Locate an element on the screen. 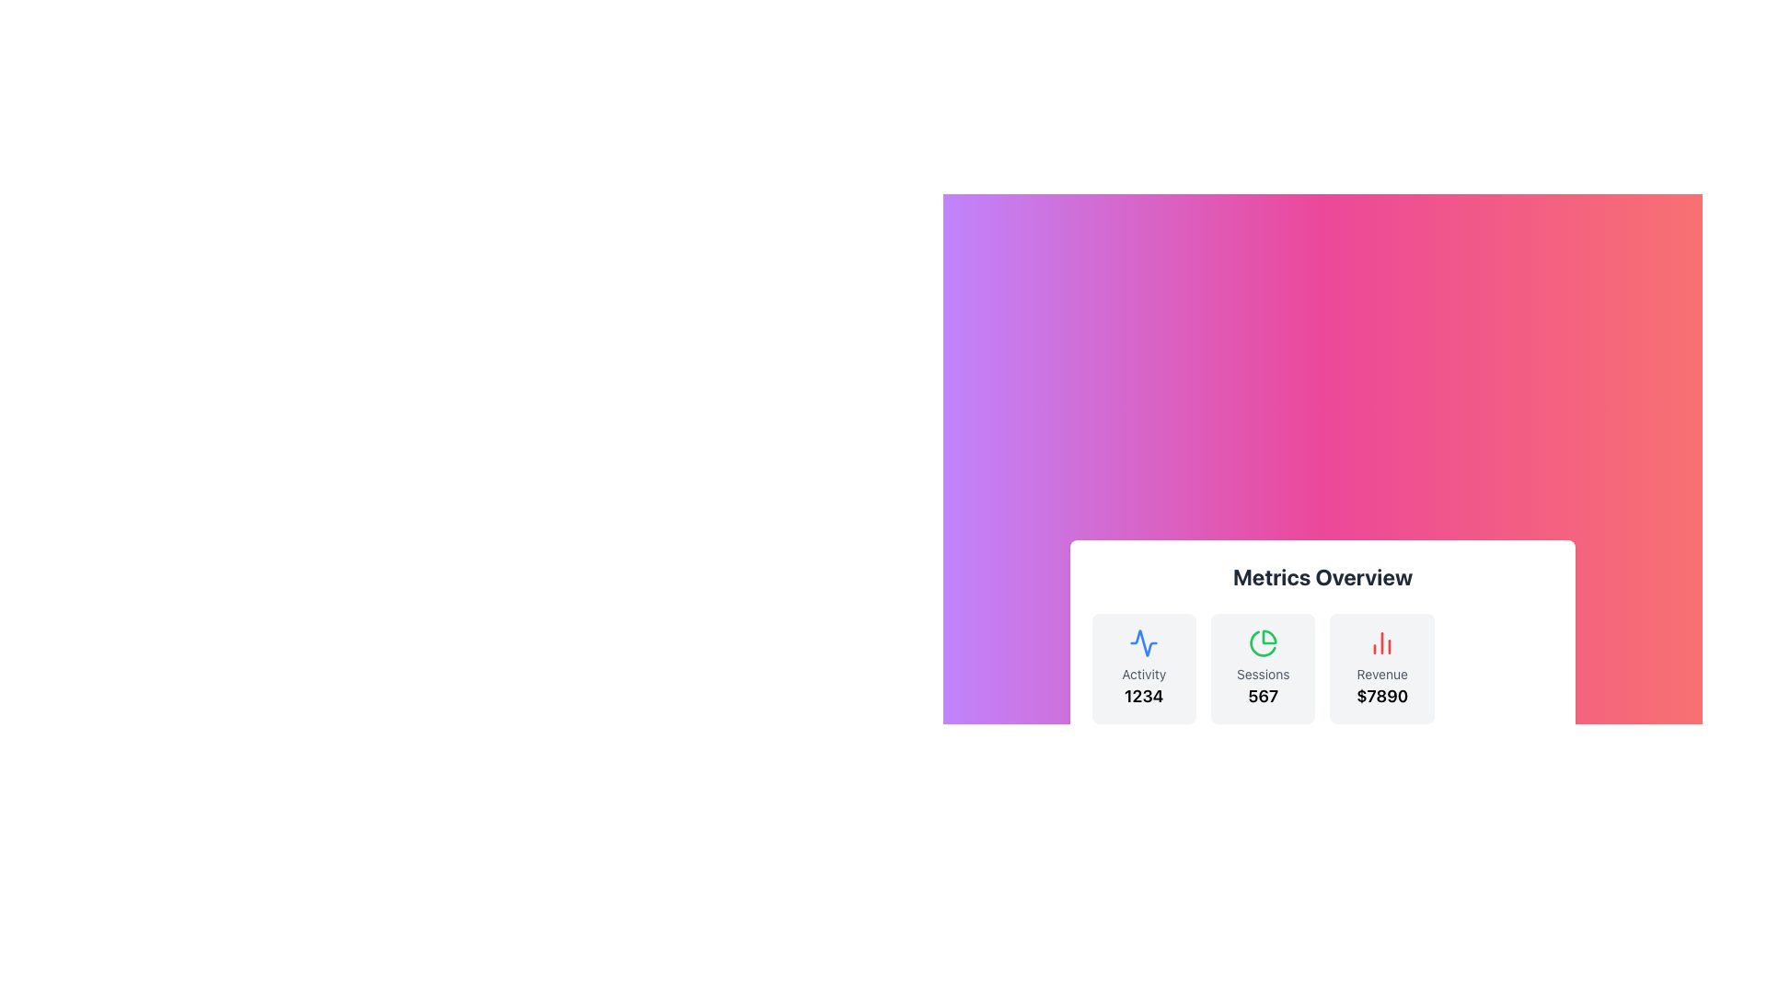  information displayed in the second block of the Data Display Grid Section within the 'Metrics Overview' panel is located at coordinates (1322, 668).